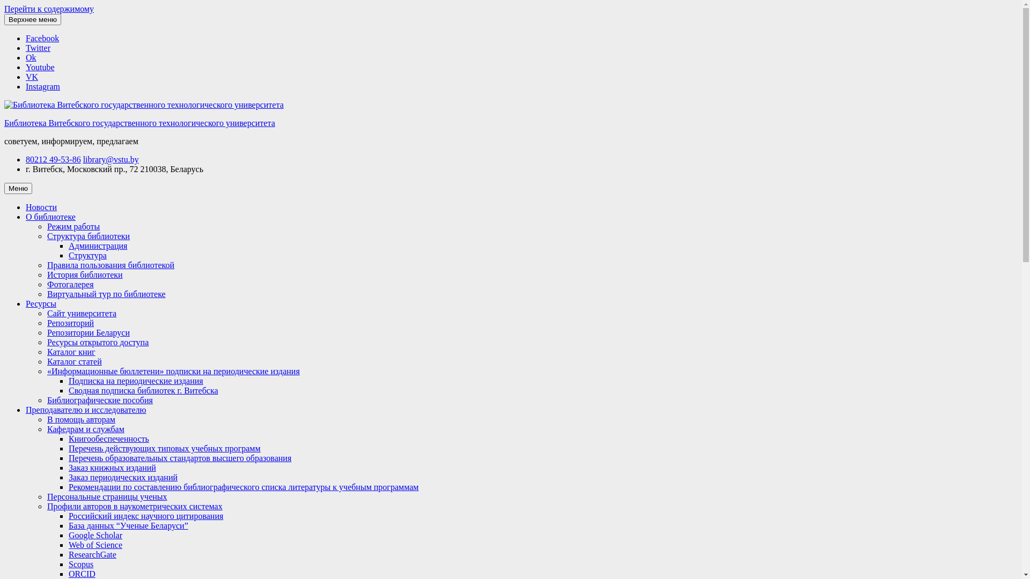 Image resolution: width=1030 pixels, height=579 pixels. Describe the element at coordinates (111, 159) in the screenshot. I see `'library@vstu.by'` at that location.